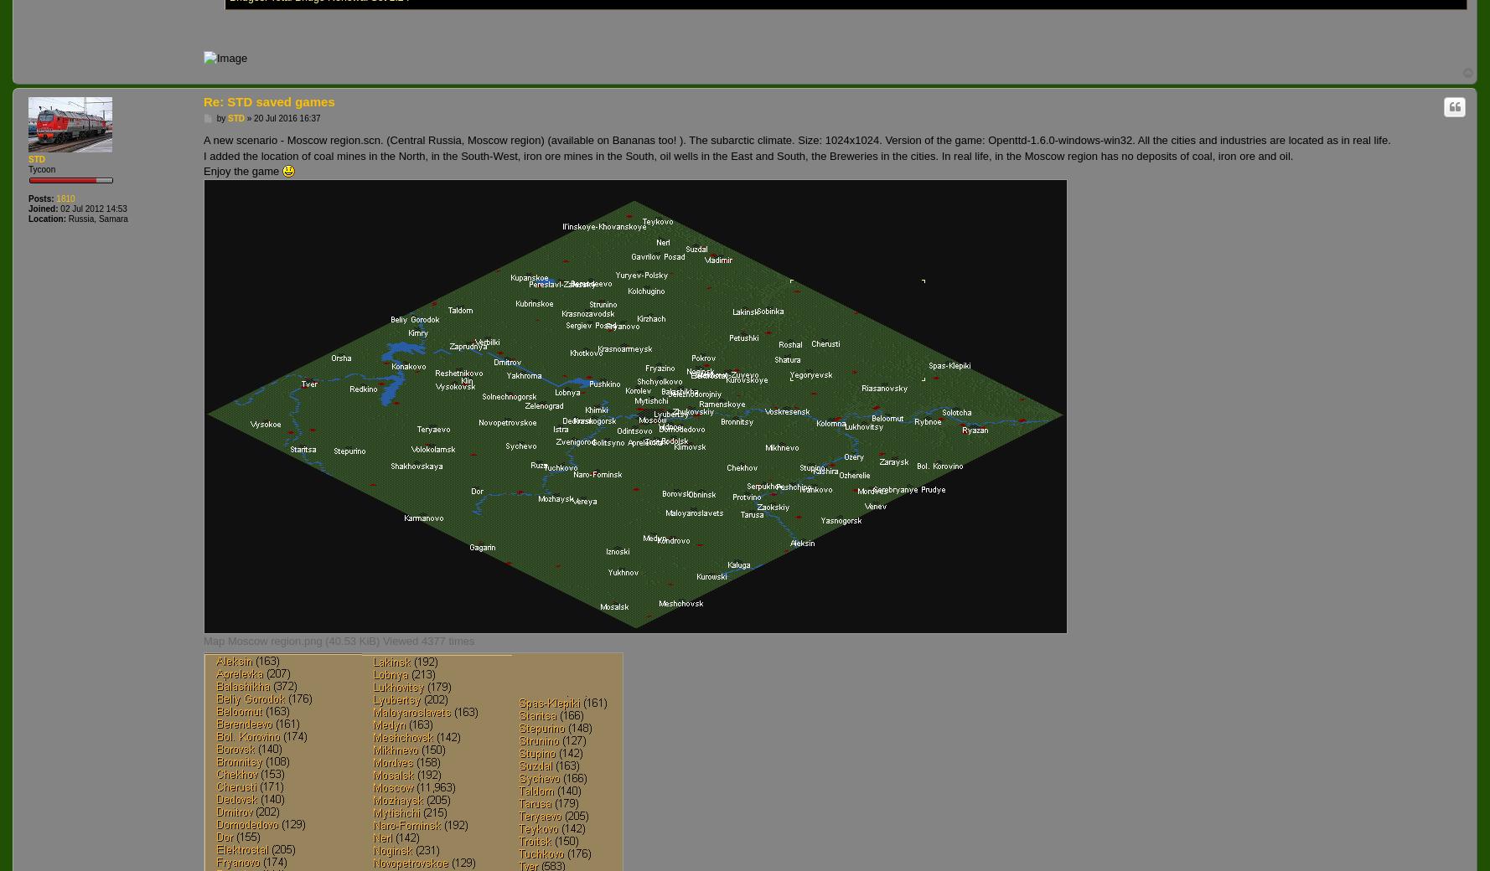 This screenshot has width=1490, height=871. I want to click on 'A new scenario - Moscow region.scn. (Central Russia, Moscow region) (available on Bananas too! ). The subarctic climate. Size: 1024x1024. Version of the game: Openttd-1.6.0-windows-win32. All the cities and industries are located as in real life.', so click(797, 140).